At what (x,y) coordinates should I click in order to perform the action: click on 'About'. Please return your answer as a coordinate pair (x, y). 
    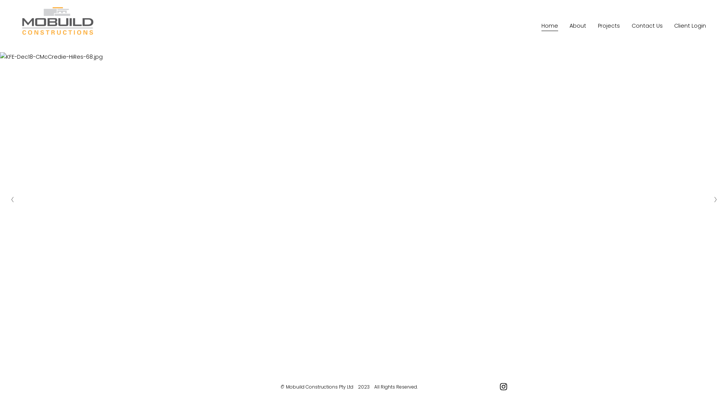
    Looking at the image, I should click on (577, 26).